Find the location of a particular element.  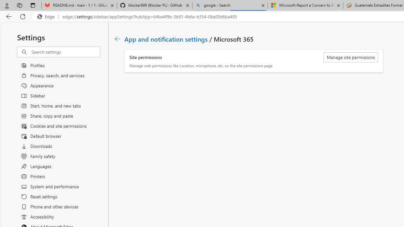

'Microsoft-Report a Concern to Bing' is located at coordinates (305, 5).